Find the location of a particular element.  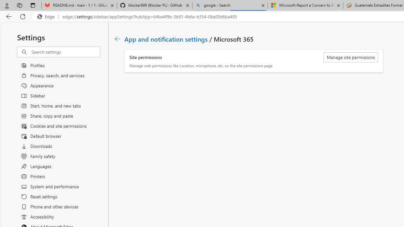

'Microsoft-Report a Concern to Bing' is located at coordinates (305, 5).